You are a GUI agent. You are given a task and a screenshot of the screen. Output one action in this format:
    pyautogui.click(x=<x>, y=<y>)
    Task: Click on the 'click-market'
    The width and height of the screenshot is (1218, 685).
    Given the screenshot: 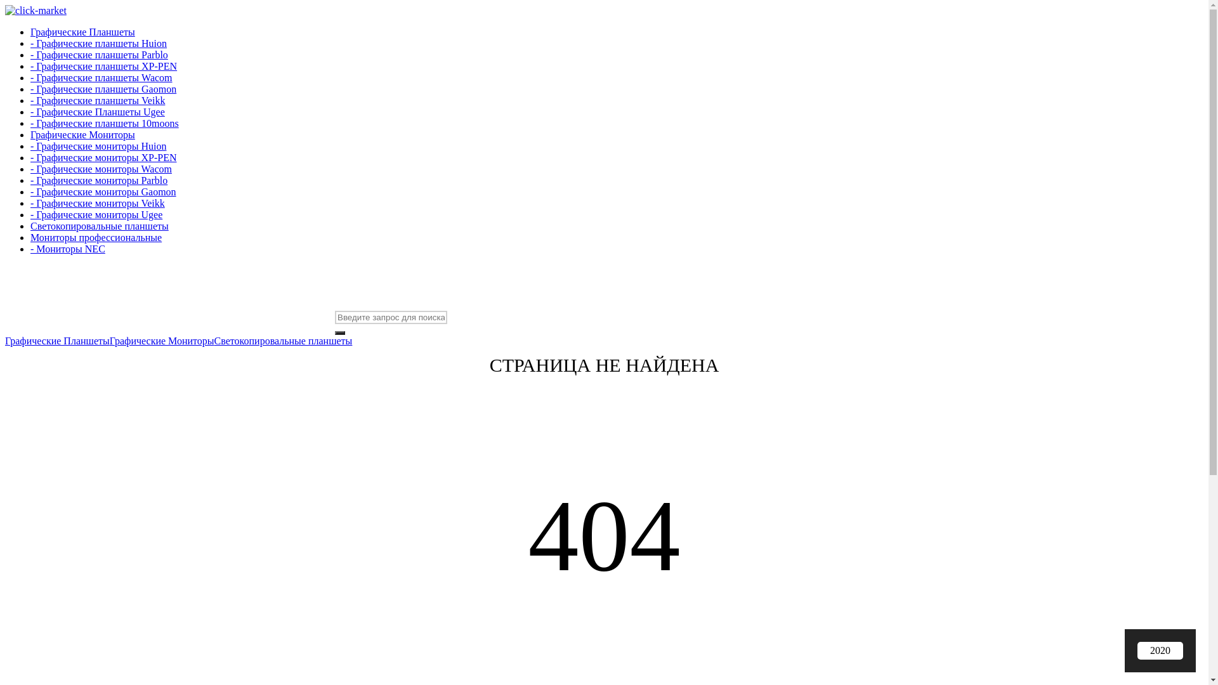 What is the action you would take?
    pyautogui.click(x=36, y=10)
    